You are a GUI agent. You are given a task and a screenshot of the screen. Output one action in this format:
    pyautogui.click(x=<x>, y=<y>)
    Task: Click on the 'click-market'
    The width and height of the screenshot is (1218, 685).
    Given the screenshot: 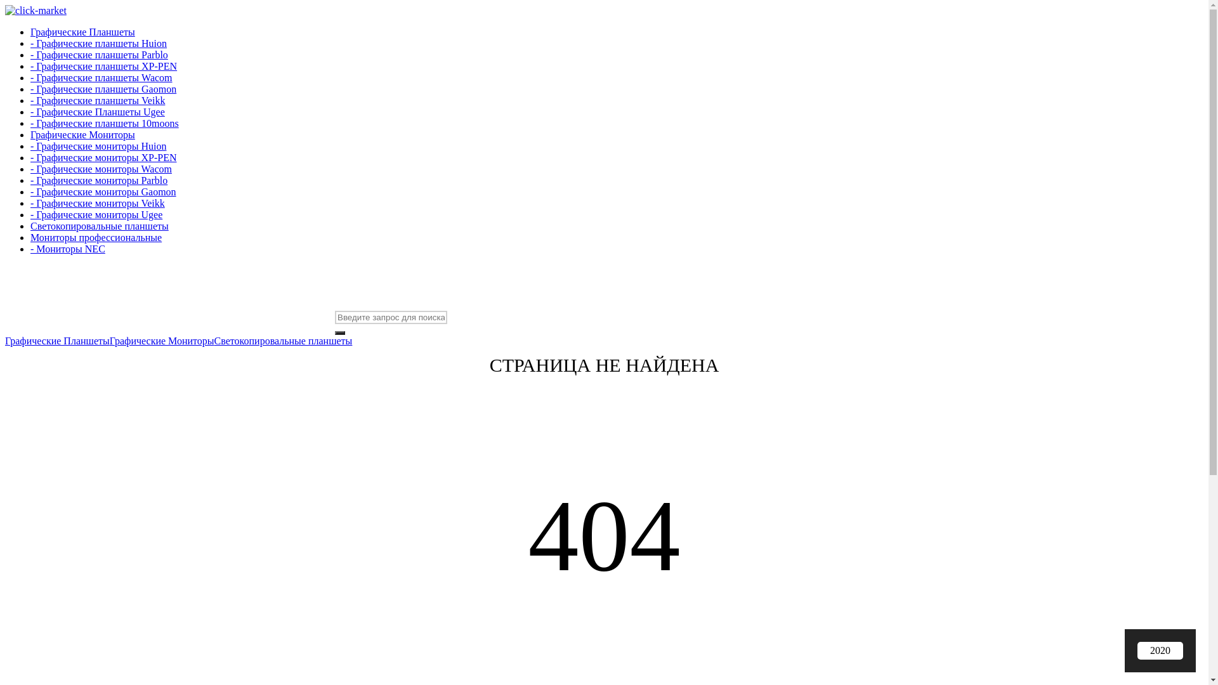 What is the action you would take?
    pyautogui.click(x=36, y=10)
    